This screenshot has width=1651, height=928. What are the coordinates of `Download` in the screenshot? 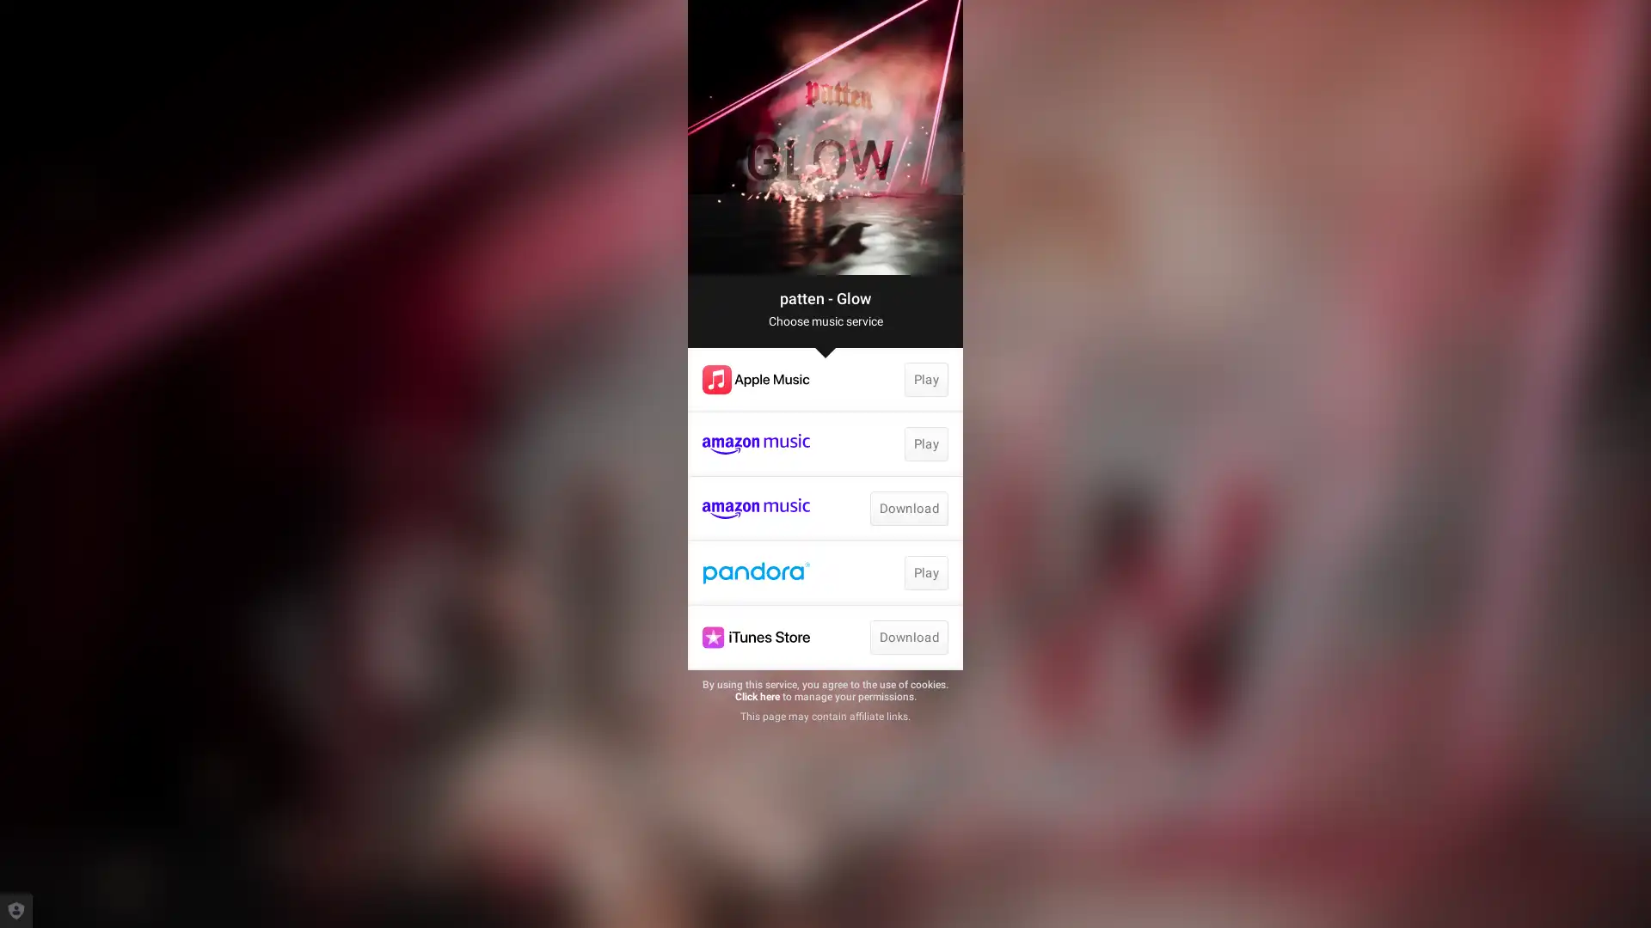 It's located at (907, 507).